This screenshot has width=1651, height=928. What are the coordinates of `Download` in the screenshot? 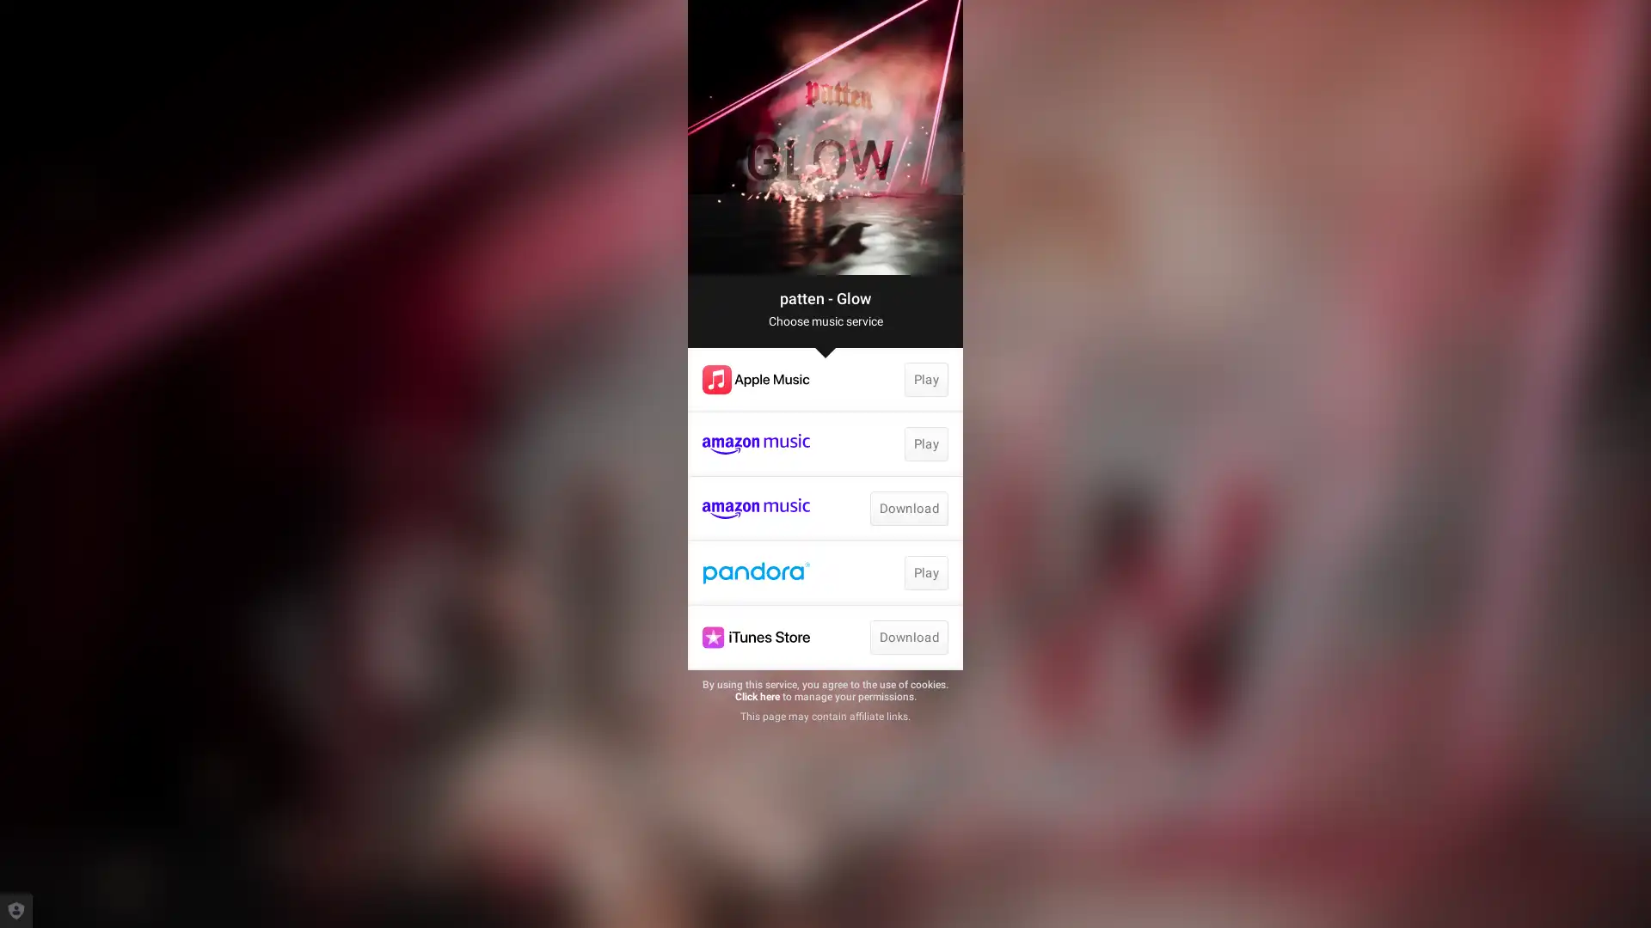 It's located at (907, 507).